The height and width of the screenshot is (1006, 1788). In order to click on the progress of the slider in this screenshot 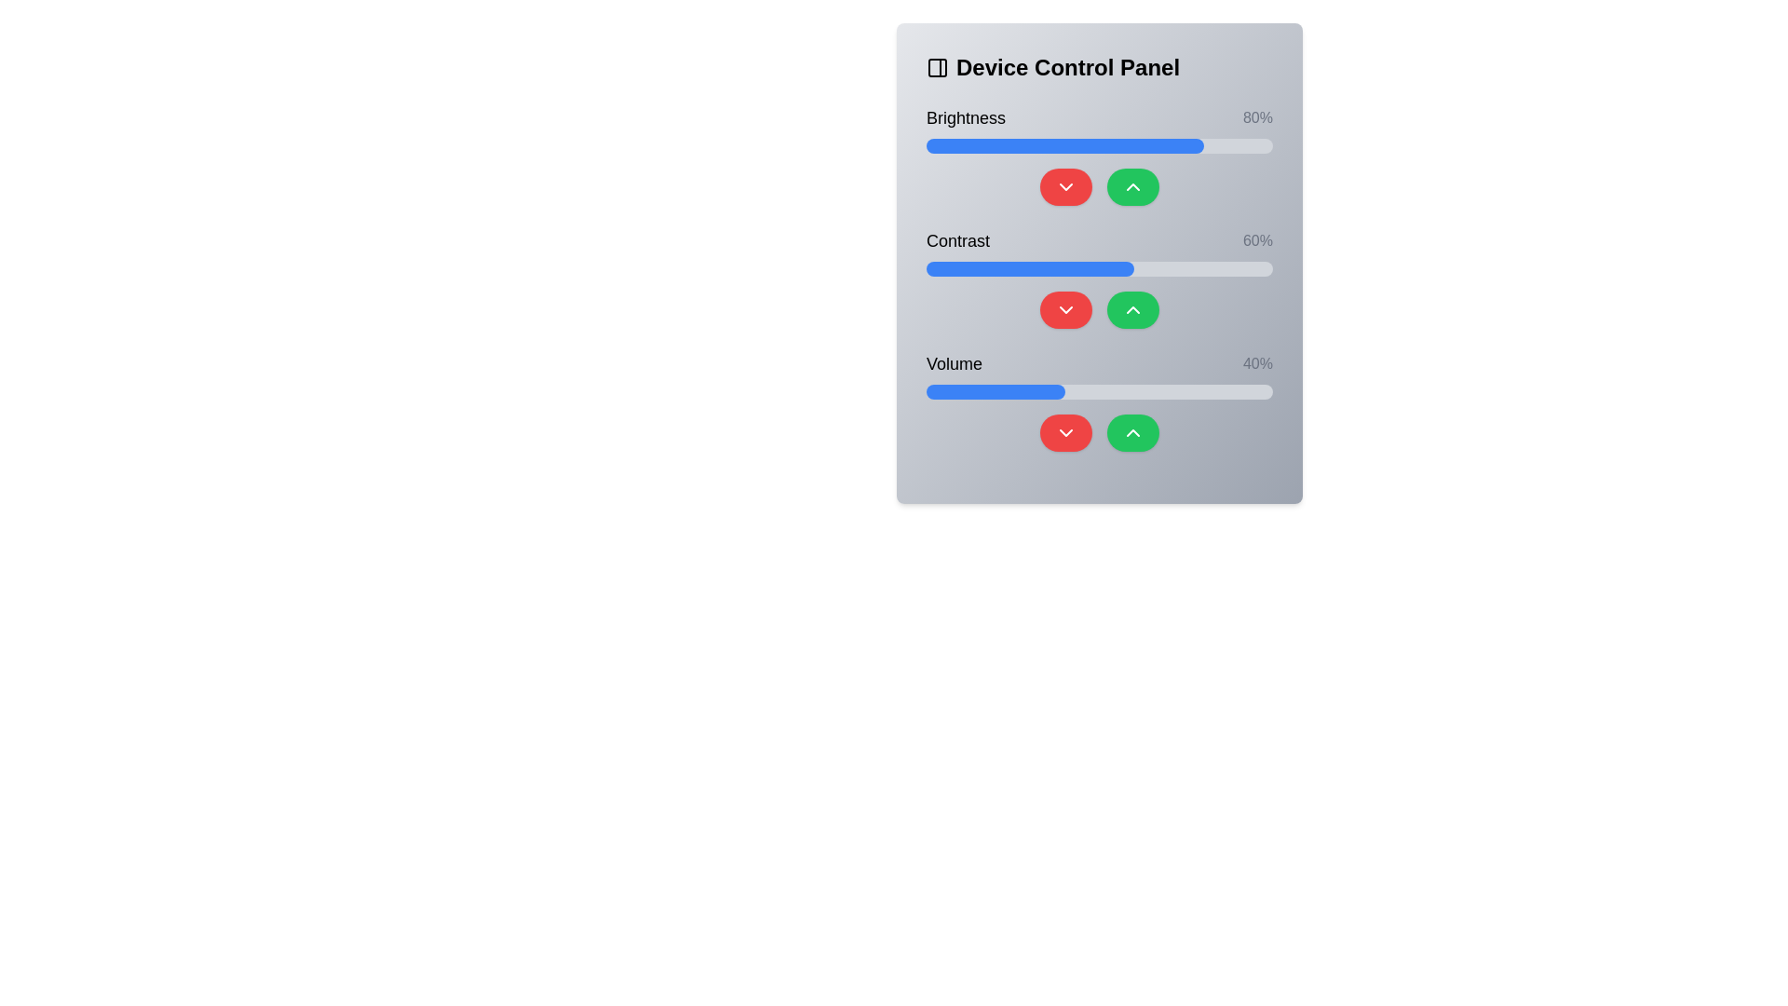, I will do `click(1068, 390)`.